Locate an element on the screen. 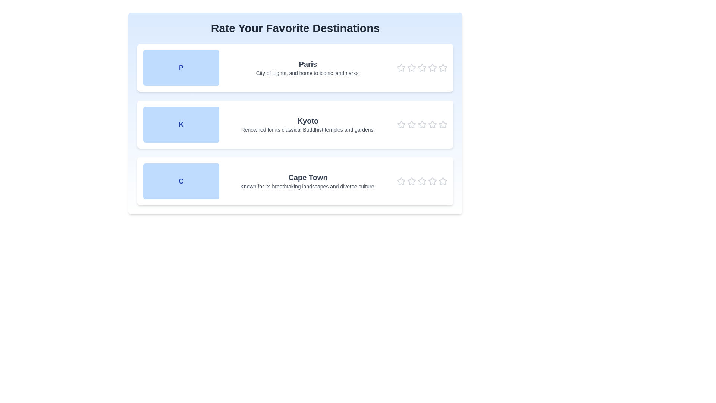 The image size is (716, 403). the third star icon in the rating section for 'Paris' is located at coordinates (422, 68).